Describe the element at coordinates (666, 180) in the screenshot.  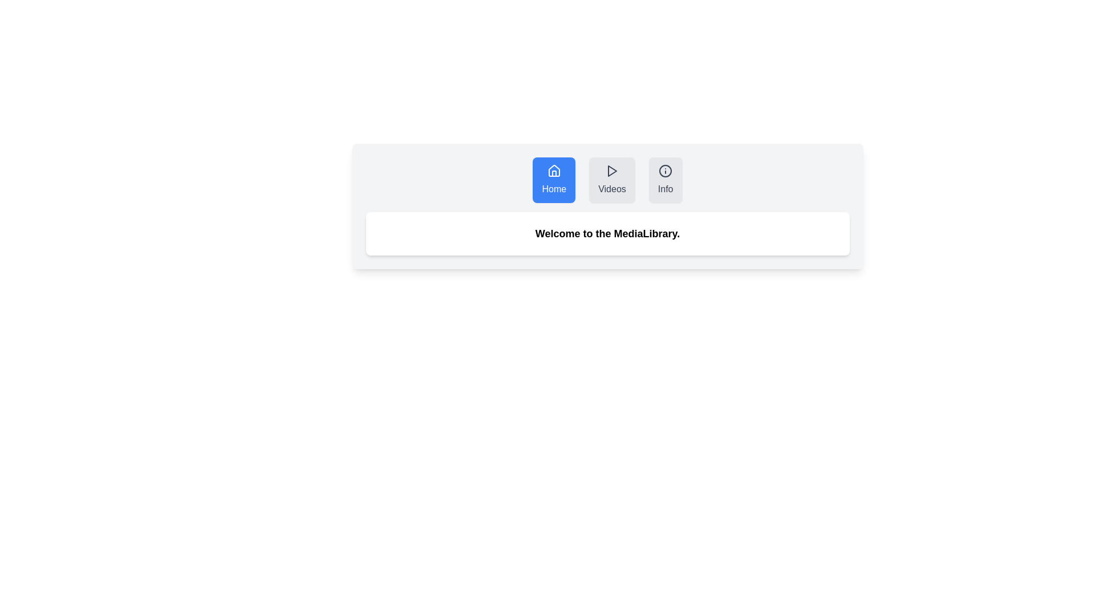
I see `the tab labeled Info to observe styling changes` at that location.